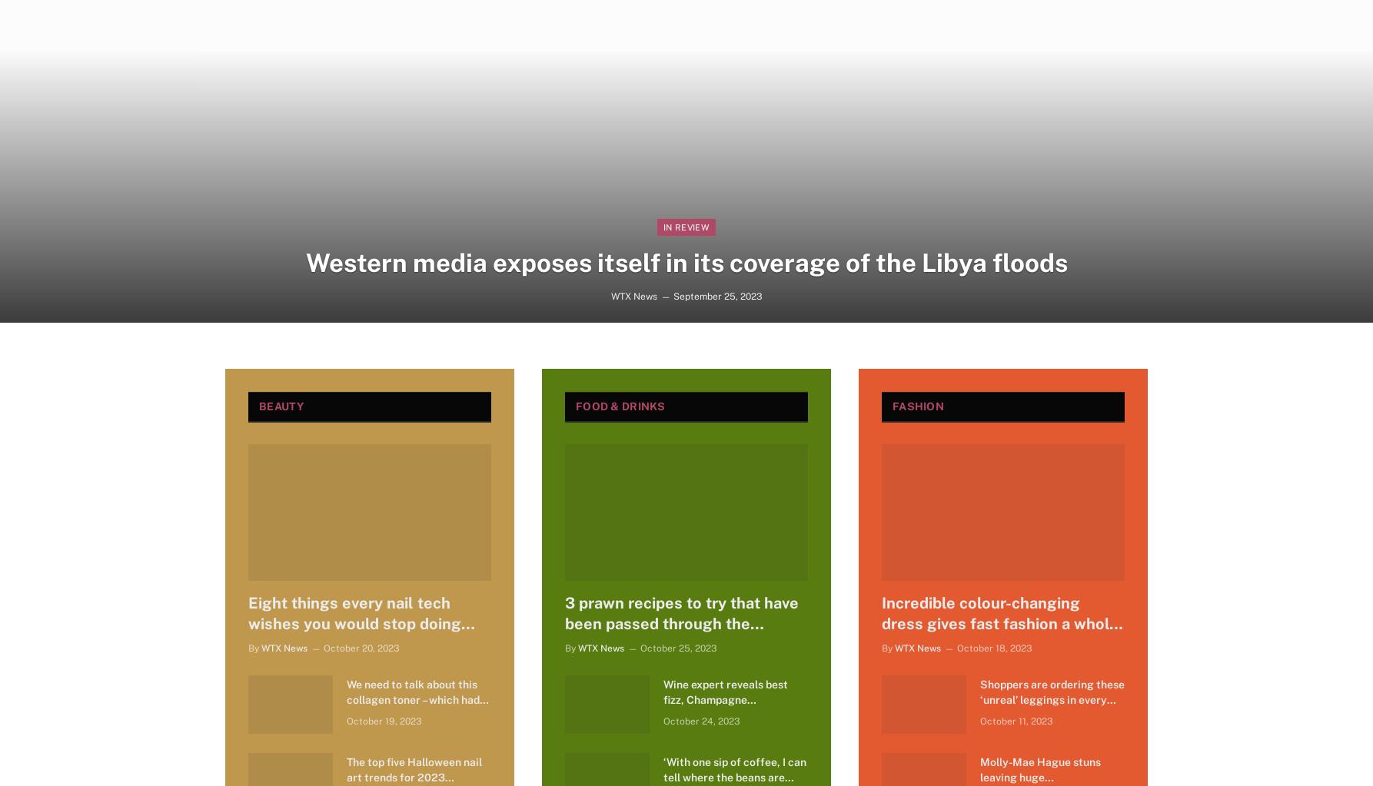 Image resolution: width=1373 pixels, height=786 pixels. Describe the element at coordinates (248, 623) in the screenshot. I see `'Eight things every nail tech wishes you would stop doing before your next manicure'` at that location.